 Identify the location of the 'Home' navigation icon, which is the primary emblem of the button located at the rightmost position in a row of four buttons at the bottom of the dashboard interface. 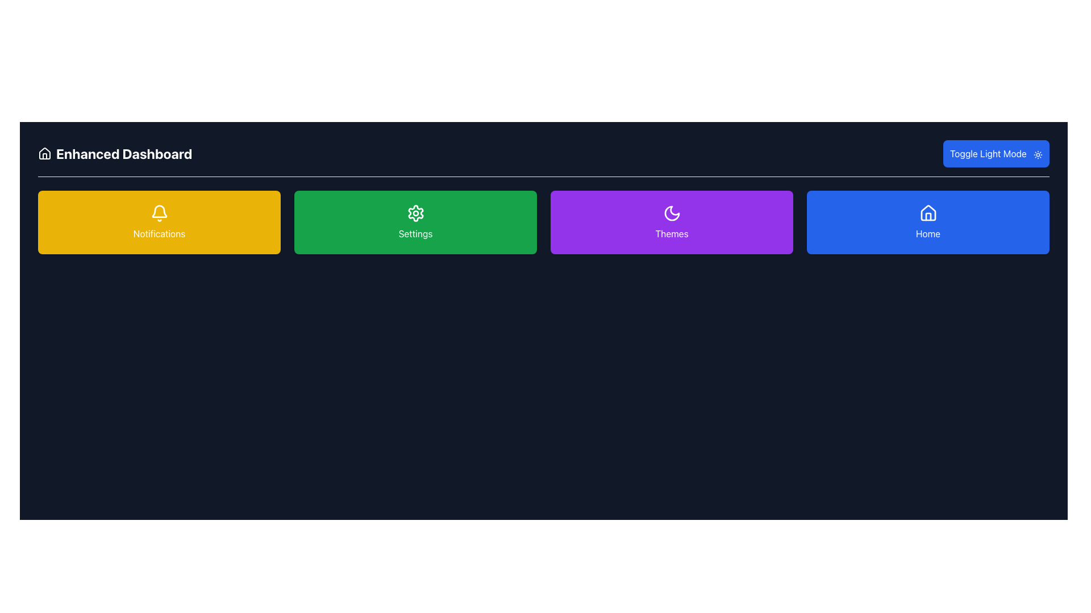
(928, 213).